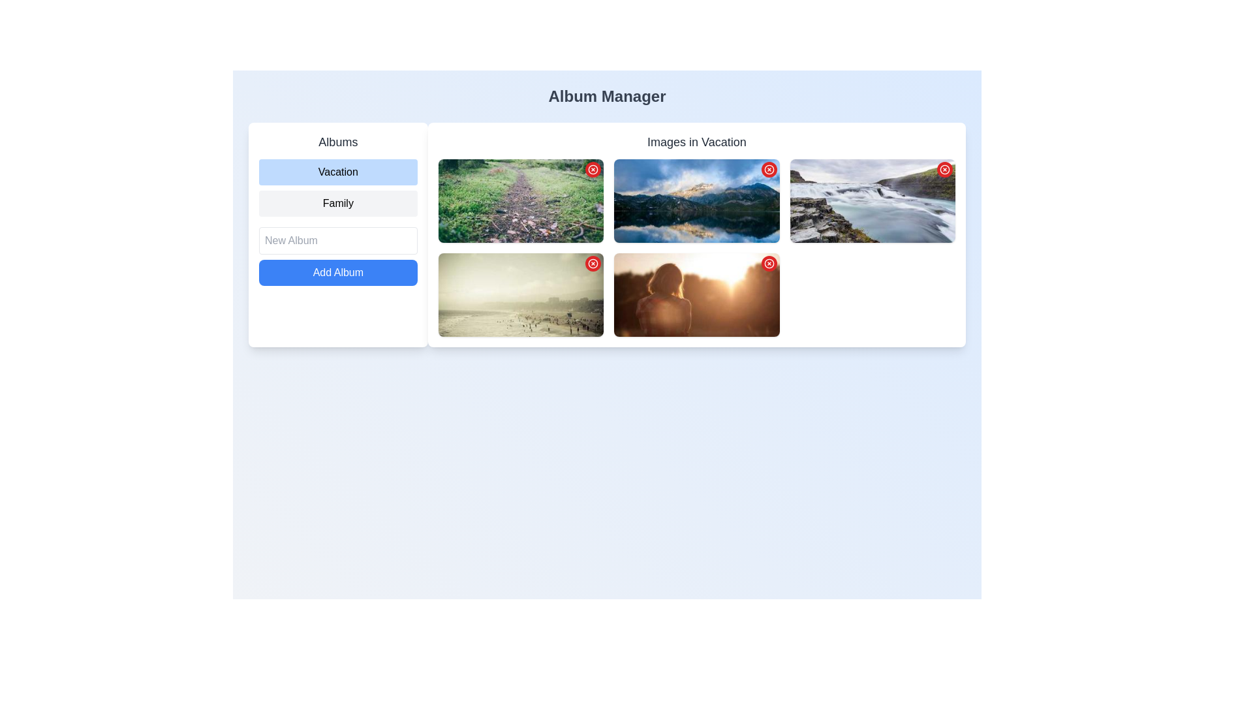  I want to click on the delete button located at the top-right corner of the second image in the second row of the 'Images in Vacation' section to change its background color, so click(593, 264).